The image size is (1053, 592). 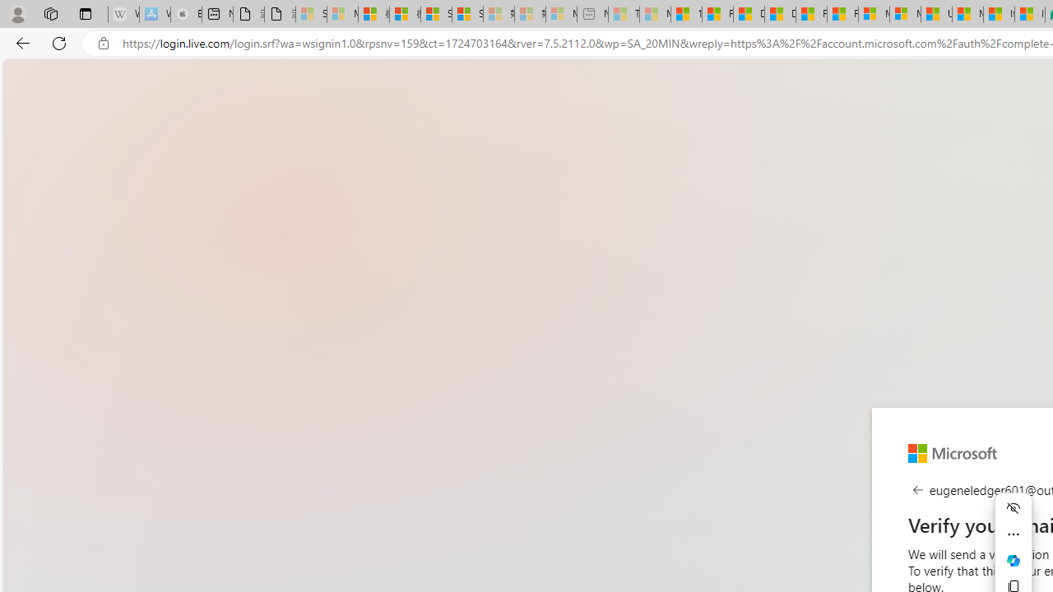 What do you see at coordinates (623, 14) in the screenshot?
I see `'Top Stories - MSN - Sleeping'` at bounding box center [623, 14].